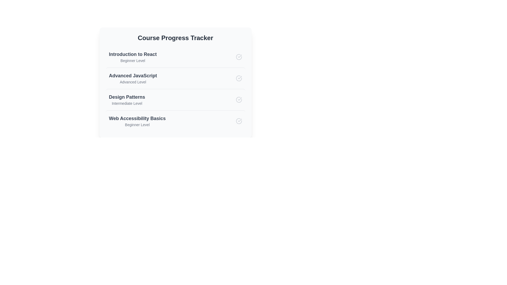 The width and height of the screenshot is (507, 285). What do you see at coordinates (175, 37) in the screenshot?
I see `the centered text header reading 'Course Progress Tracker' in bold, large font, located at the top of a card-like section with a light gray background` at bounding box center [175, 37].